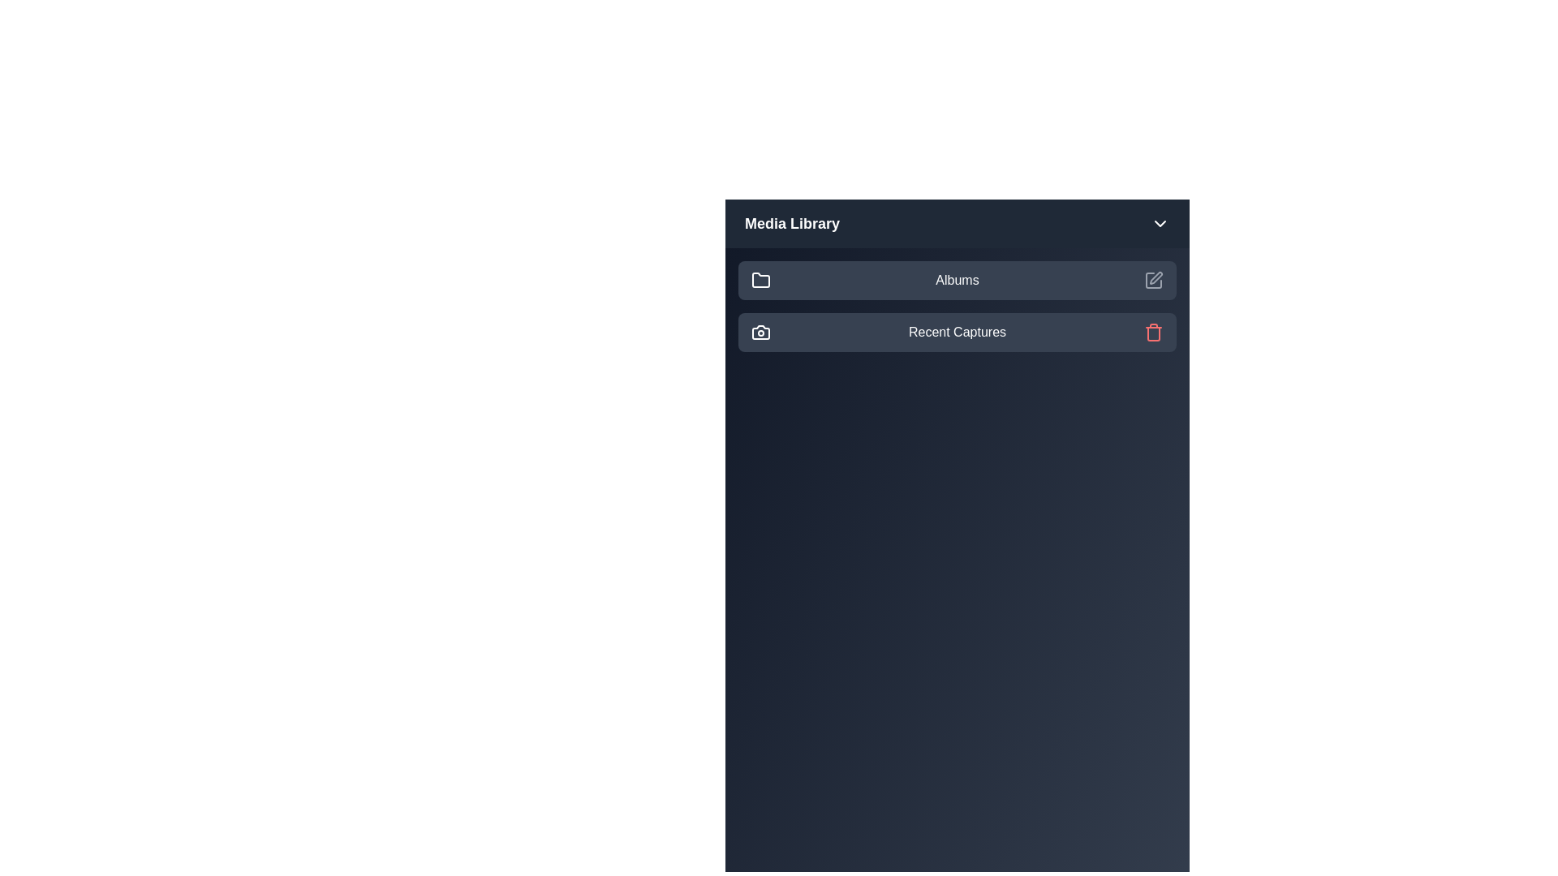  I want to click on the trash icon next to 'Recent Captures' to delete it, so click(1152, 331).